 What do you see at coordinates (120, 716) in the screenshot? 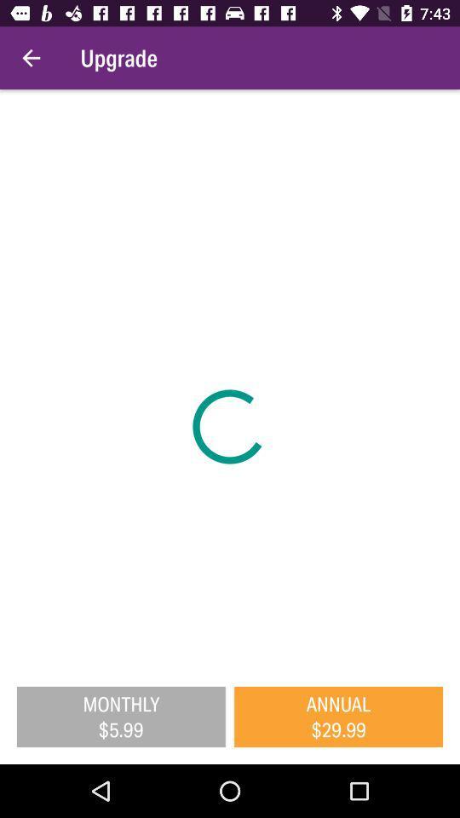
I see `the monthly` at bounding box center [120, 716].